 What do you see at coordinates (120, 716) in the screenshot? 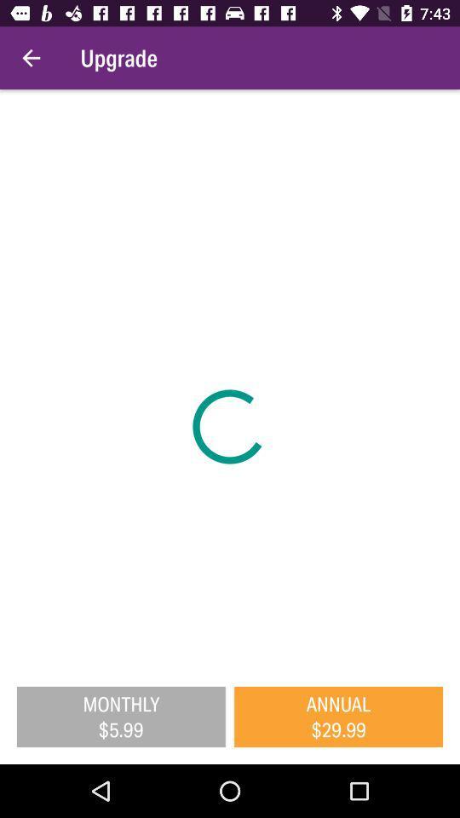
I see `the monthly` at bounding box center [120, 716].